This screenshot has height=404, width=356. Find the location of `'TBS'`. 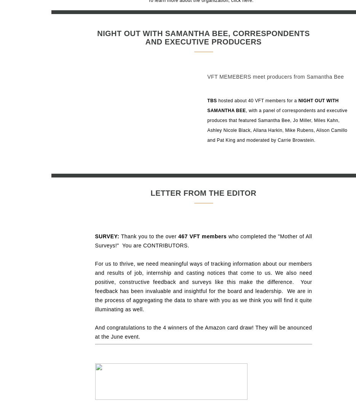

'TBS' is located at coordinates (212, 100).